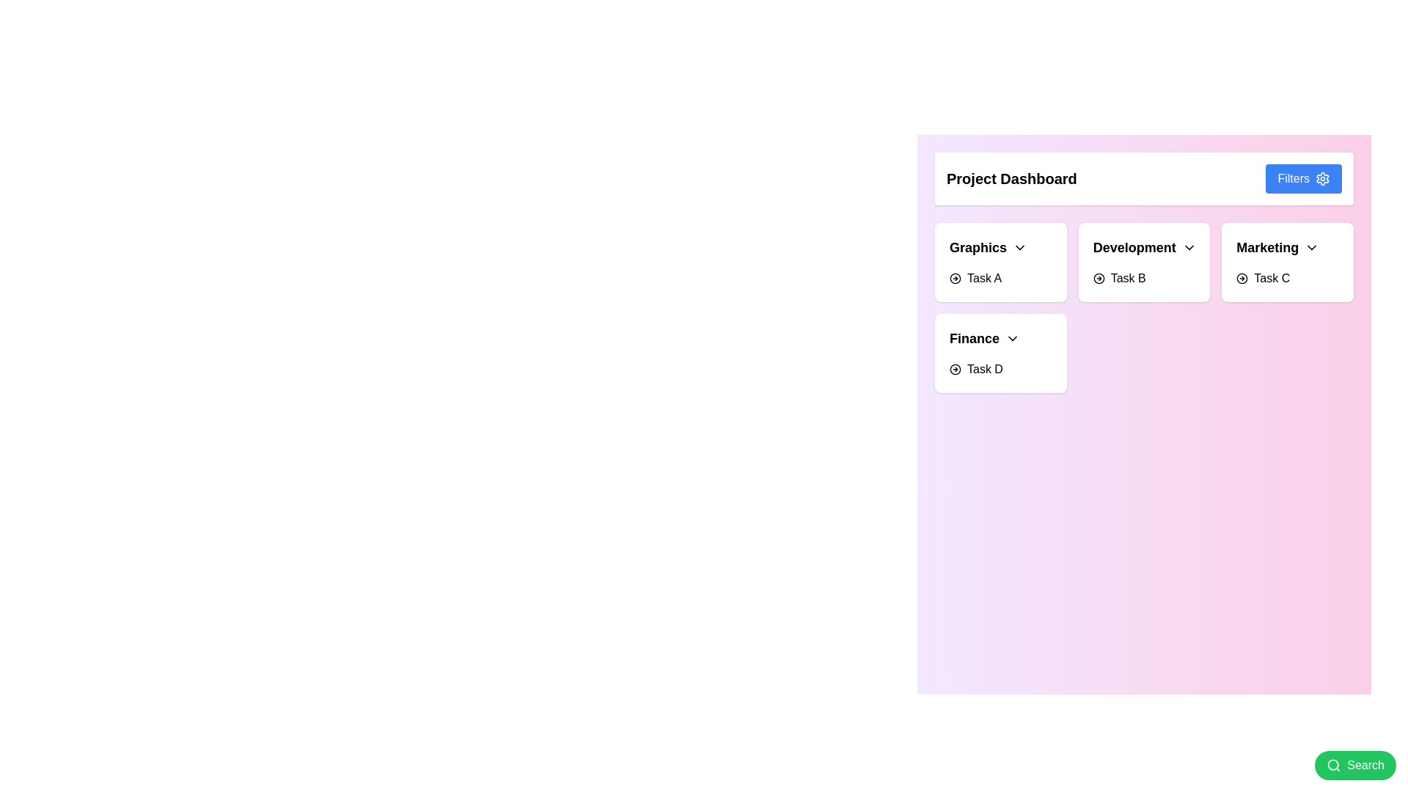 Image resolution: width=1408 pixels, height=792 pixels. Describe the element at coordinates (1312, 247) in the screenshot. I see `the downward-facing chevron icon next to the 'Marketing' label` at that location.